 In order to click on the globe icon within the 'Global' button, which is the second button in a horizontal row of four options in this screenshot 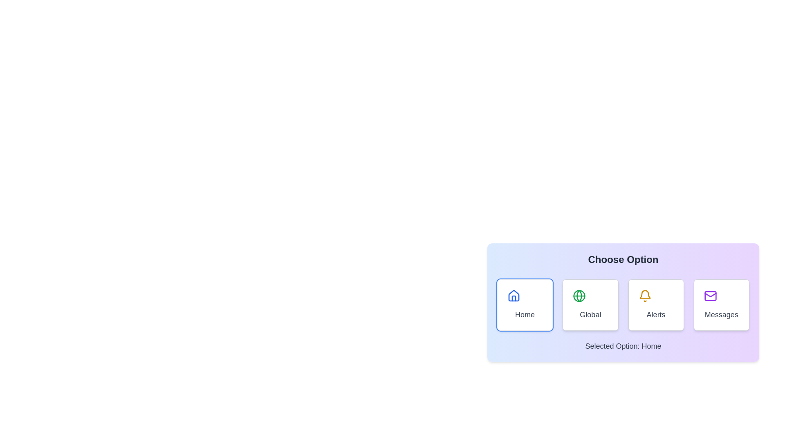, I will do `click(579, 296)`.